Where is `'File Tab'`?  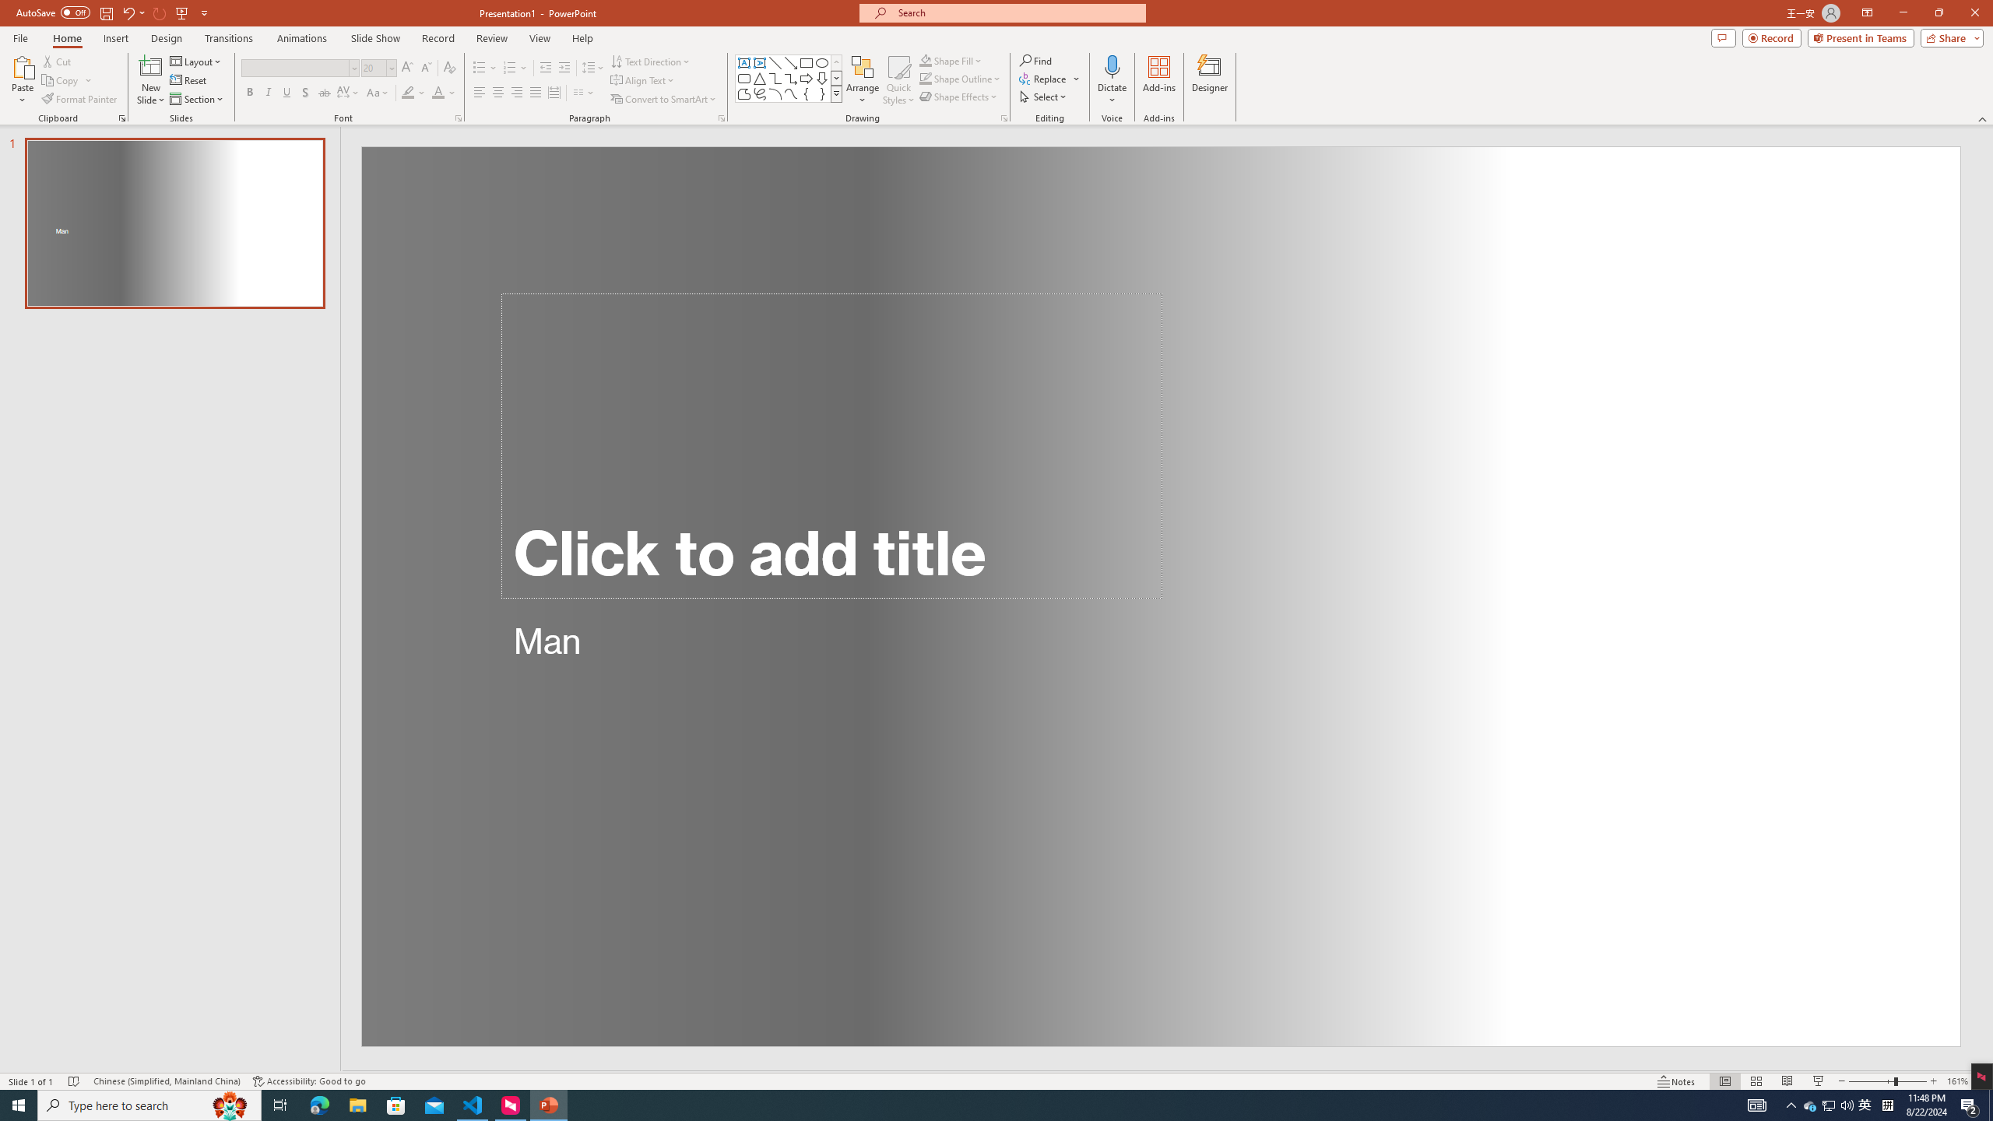
'File Tab' is located at coordinates (19, 37).